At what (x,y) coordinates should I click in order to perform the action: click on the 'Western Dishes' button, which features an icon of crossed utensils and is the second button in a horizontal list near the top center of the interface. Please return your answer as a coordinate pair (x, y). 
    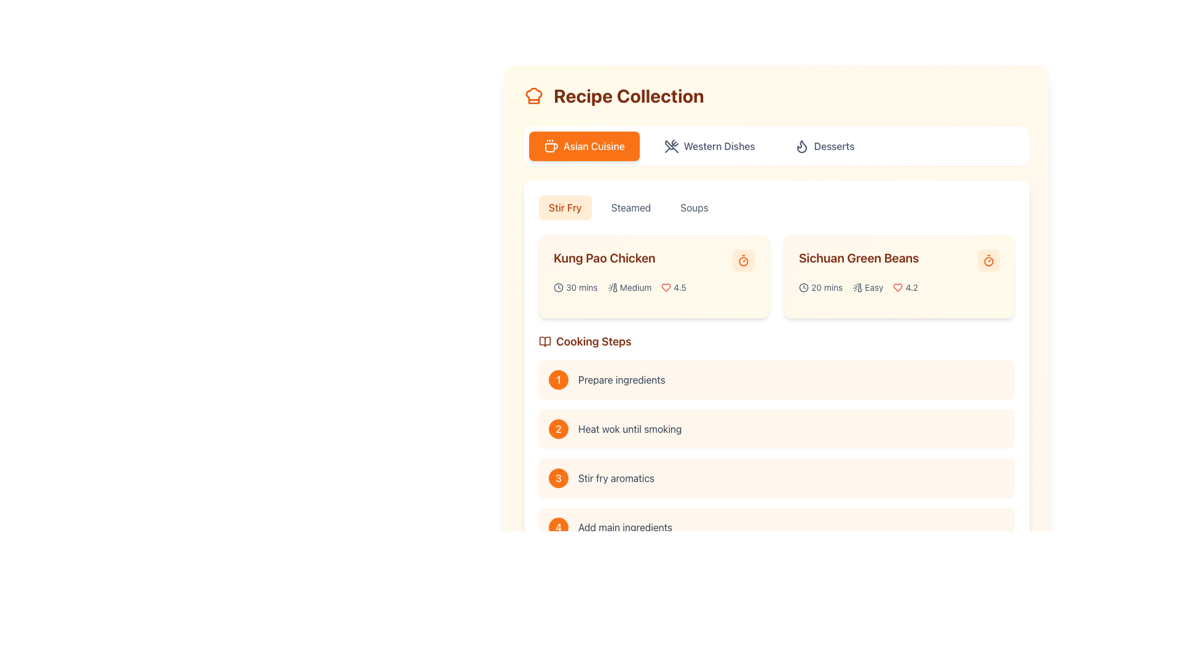
    Looking at the image, I should click on (709, 146).